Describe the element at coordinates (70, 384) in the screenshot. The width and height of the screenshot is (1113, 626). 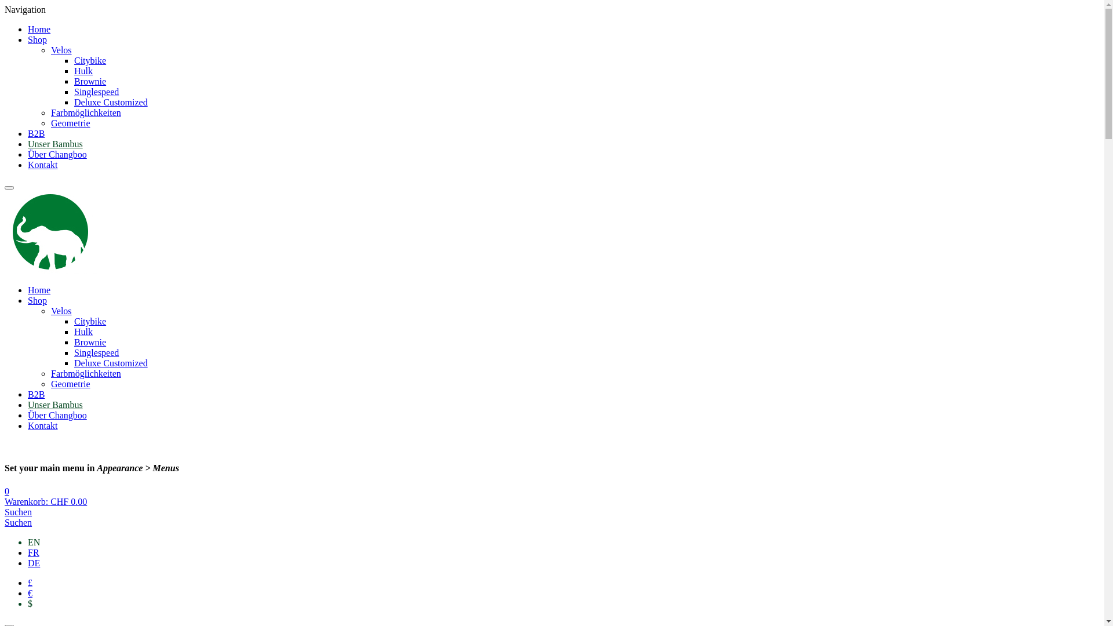
I see `'Geometrie'` at that location.